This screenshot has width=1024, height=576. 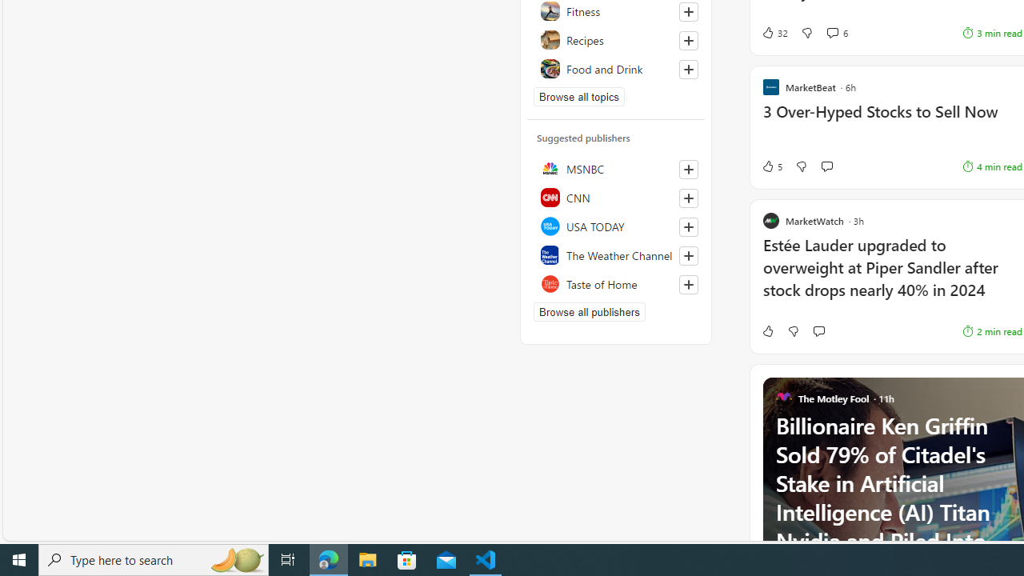 I want to click on 'View comments 6 Comment', so click(x=835, y=33).